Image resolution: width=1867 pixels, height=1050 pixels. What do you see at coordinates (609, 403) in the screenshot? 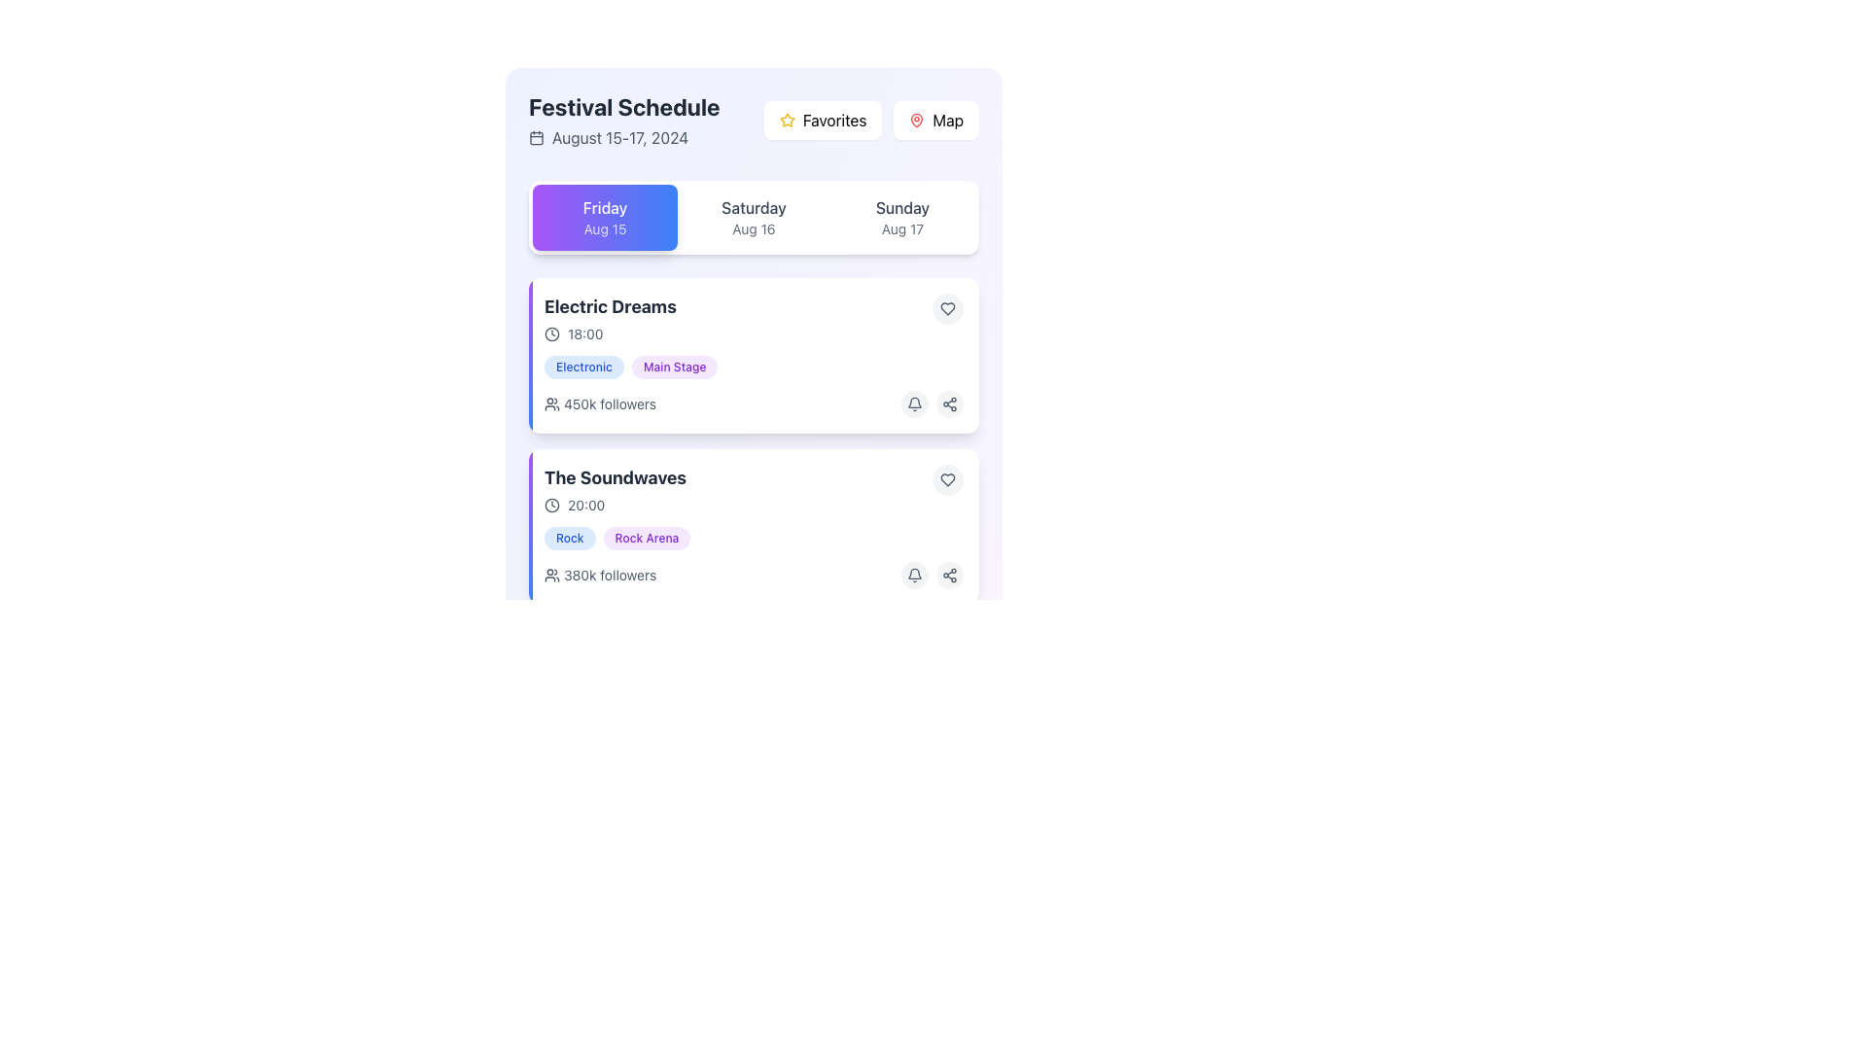
I see `content displayed in the text label that shows the total number of followers for the 'Electric Dreams' event, positioned on the left side of the content card, beneath the event's time, genre tags, and location` at bounding box center [609, 403].